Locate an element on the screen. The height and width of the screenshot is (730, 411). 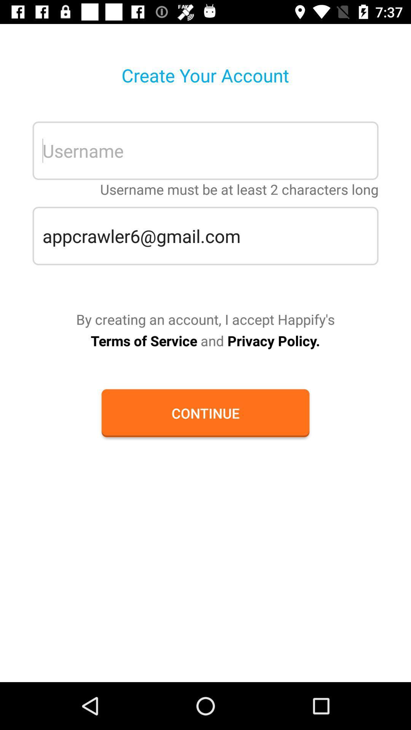
item below the by creating an is located at coordinates (205, 340).